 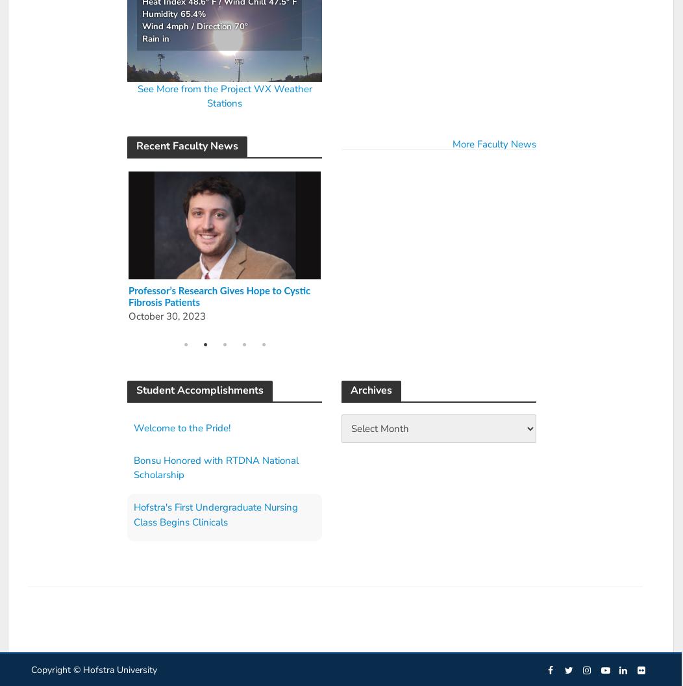 I want to click on 'October 30, 2023', so click(x=164, y=316).